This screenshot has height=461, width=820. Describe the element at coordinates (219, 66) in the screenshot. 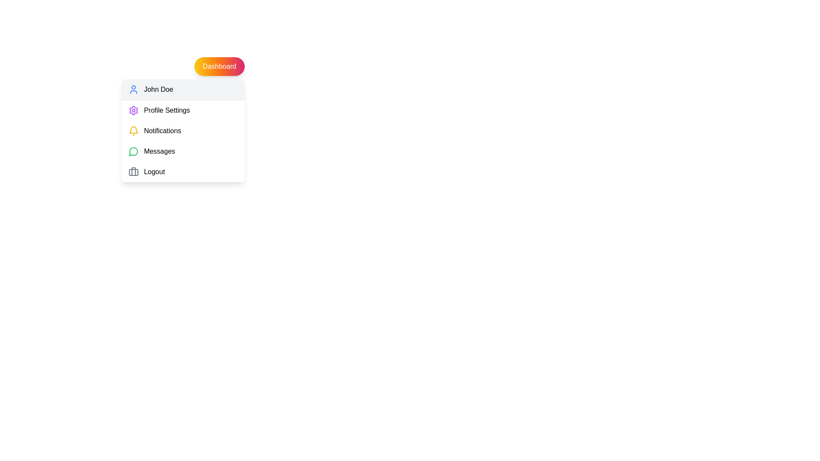

I see `the 'Dashboard' button to toggle the visibility of the settings menu` at that location.